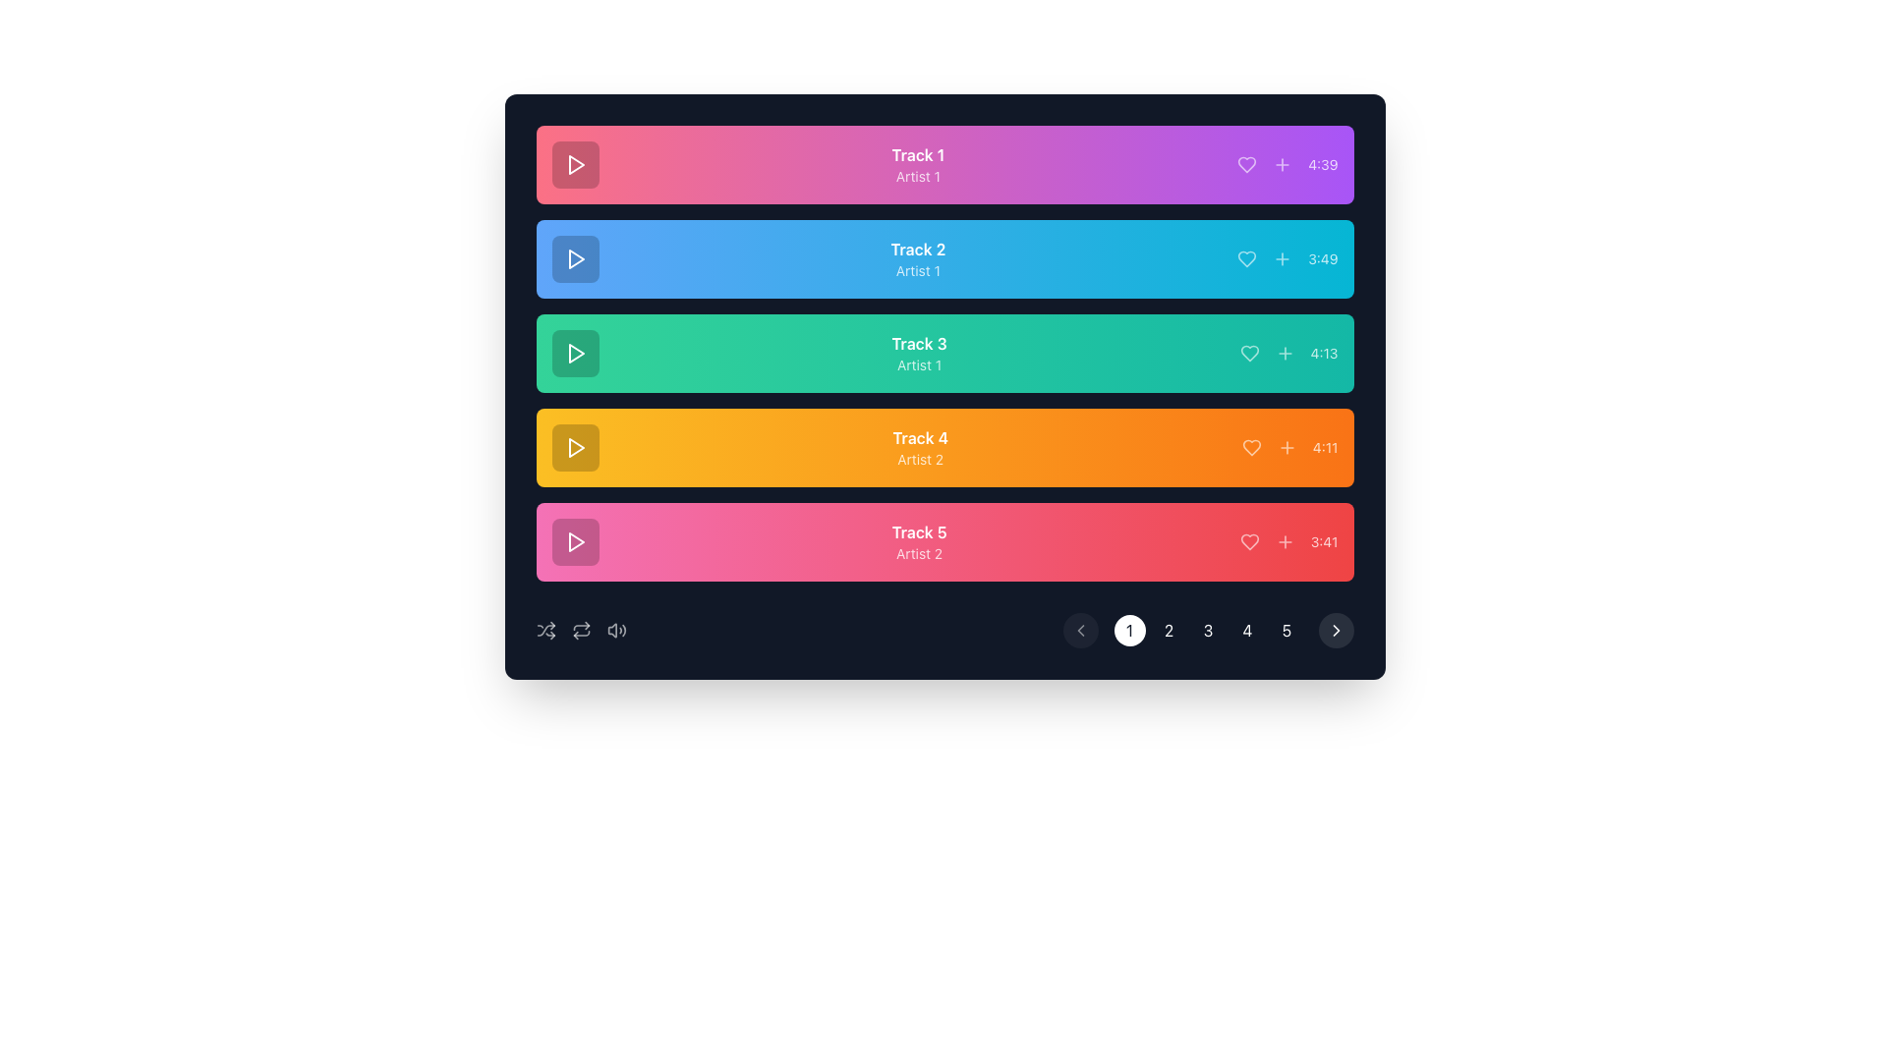 This screenshot has width=1887, height=1061. Describe the element at coordinates (919, 447) in the screenshot. I see `displayed information for the text label representing 'Track 4' by 'Artist 2' in the playlist` at that location.